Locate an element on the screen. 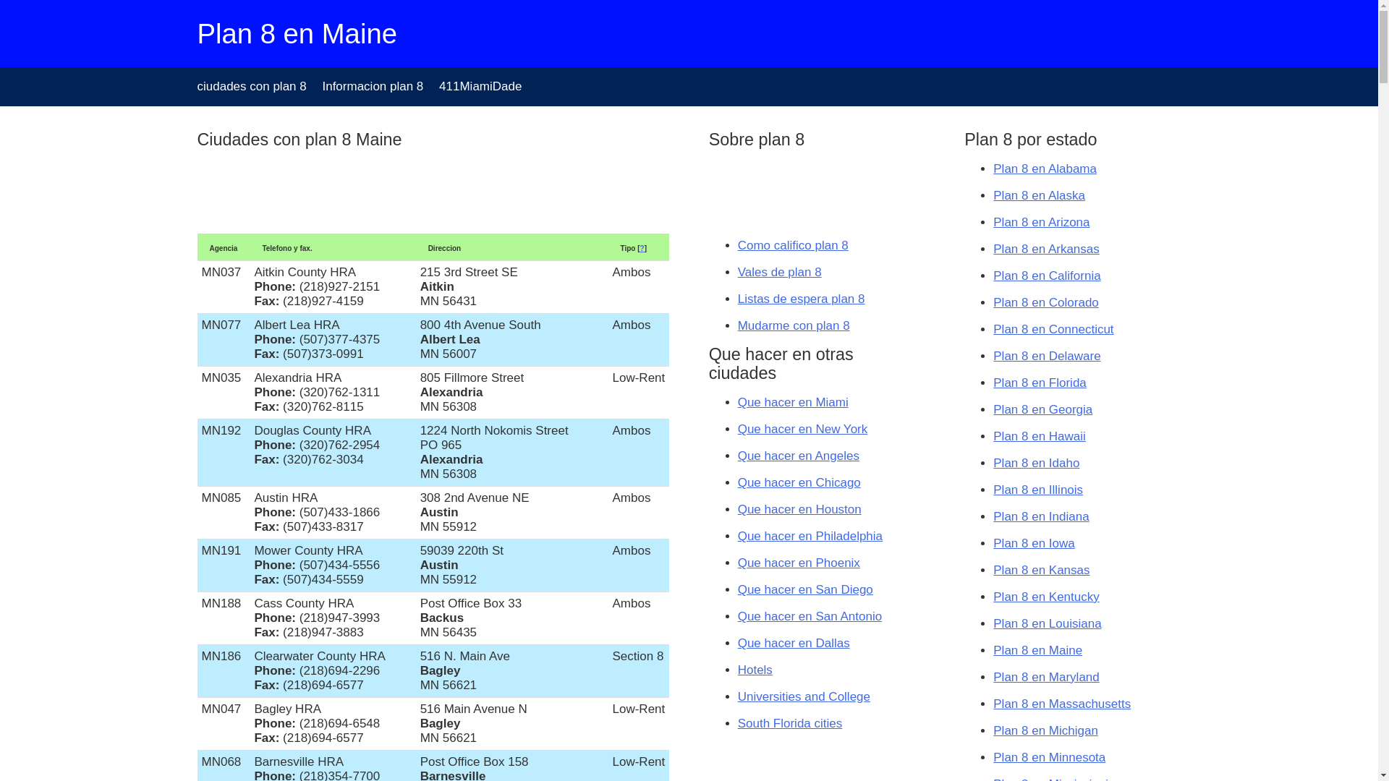 The width and height of the screenshot is (1389, 781). 'Plan 8 en Michigan' is located at coordinates (1045, 730).